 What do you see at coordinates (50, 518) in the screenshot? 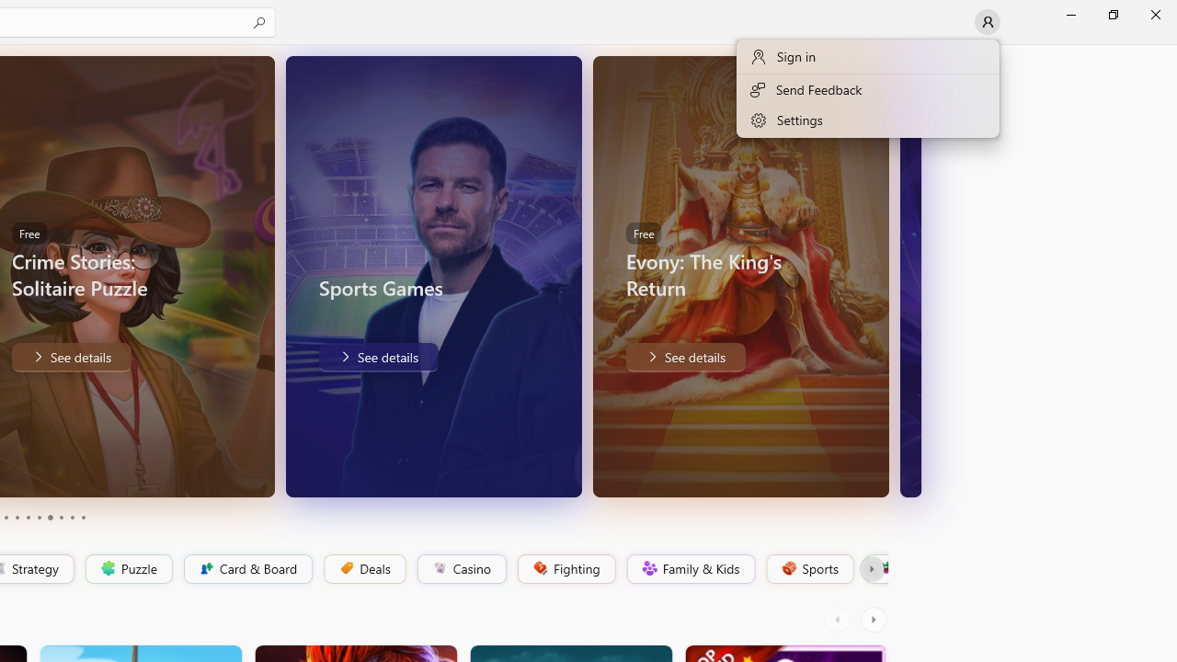
I see `'Page 7'` at bounding box center [50, 518].